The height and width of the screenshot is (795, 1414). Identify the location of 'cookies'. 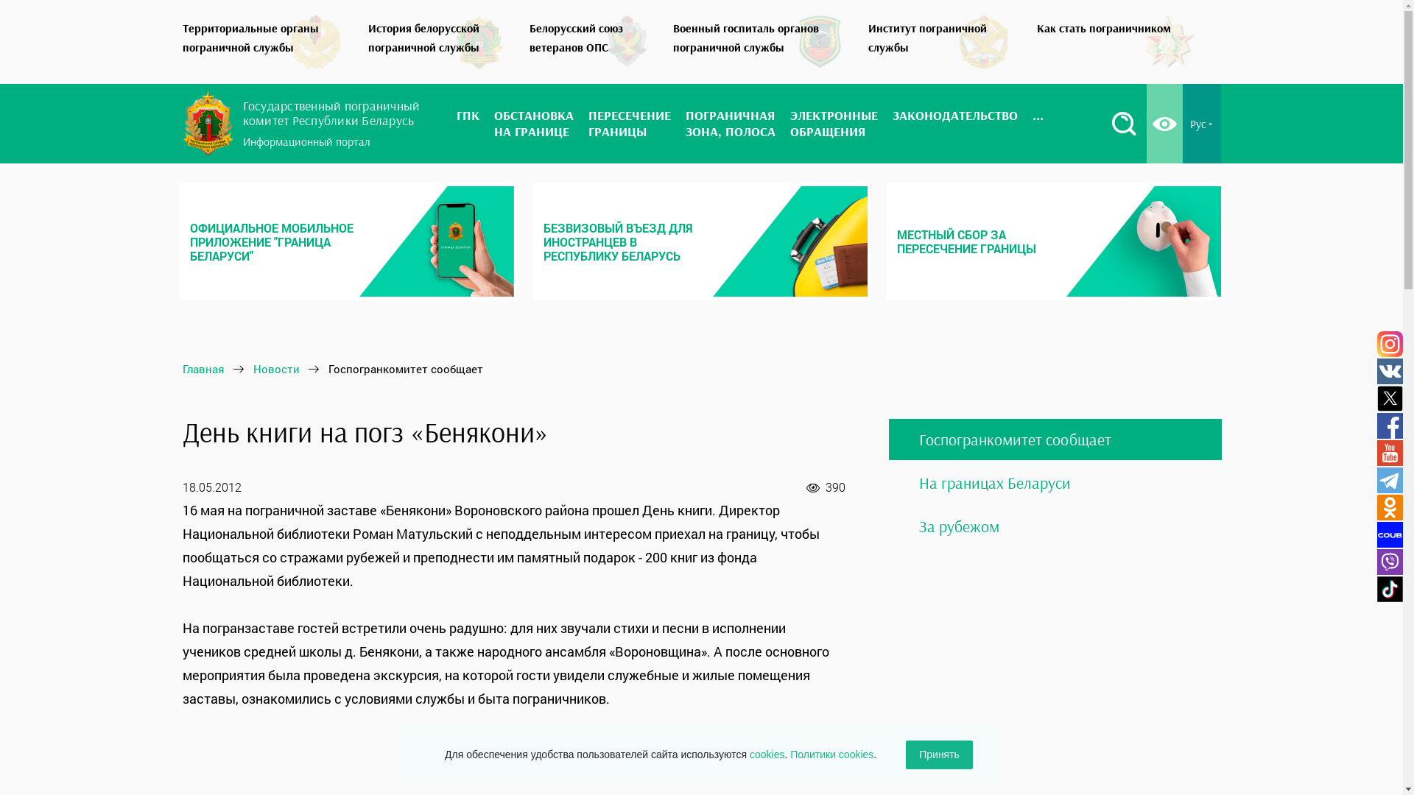
(749, 755).